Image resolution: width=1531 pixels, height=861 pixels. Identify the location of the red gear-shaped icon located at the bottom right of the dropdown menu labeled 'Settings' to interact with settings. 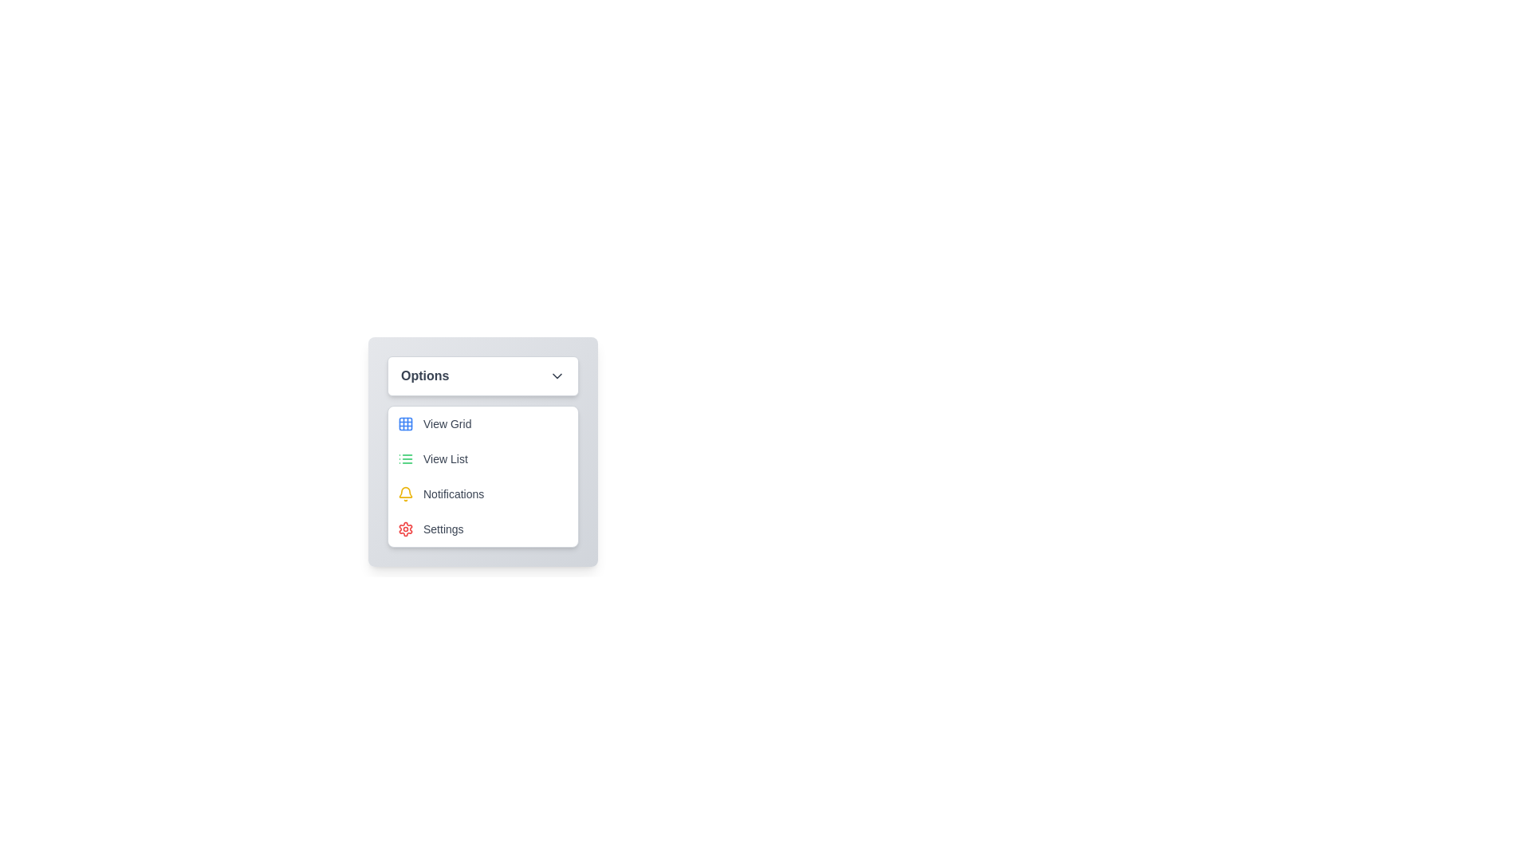
(405, 529).